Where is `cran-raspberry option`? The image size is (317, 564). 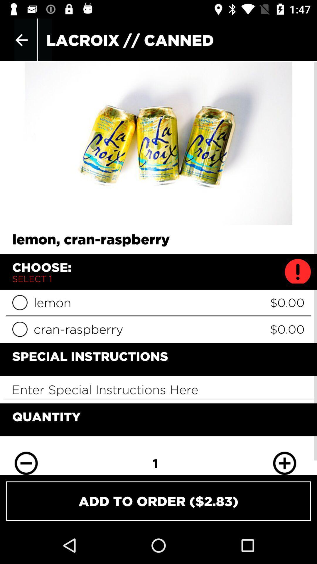 cran-raspberry option is located at coordinates (19, 329).